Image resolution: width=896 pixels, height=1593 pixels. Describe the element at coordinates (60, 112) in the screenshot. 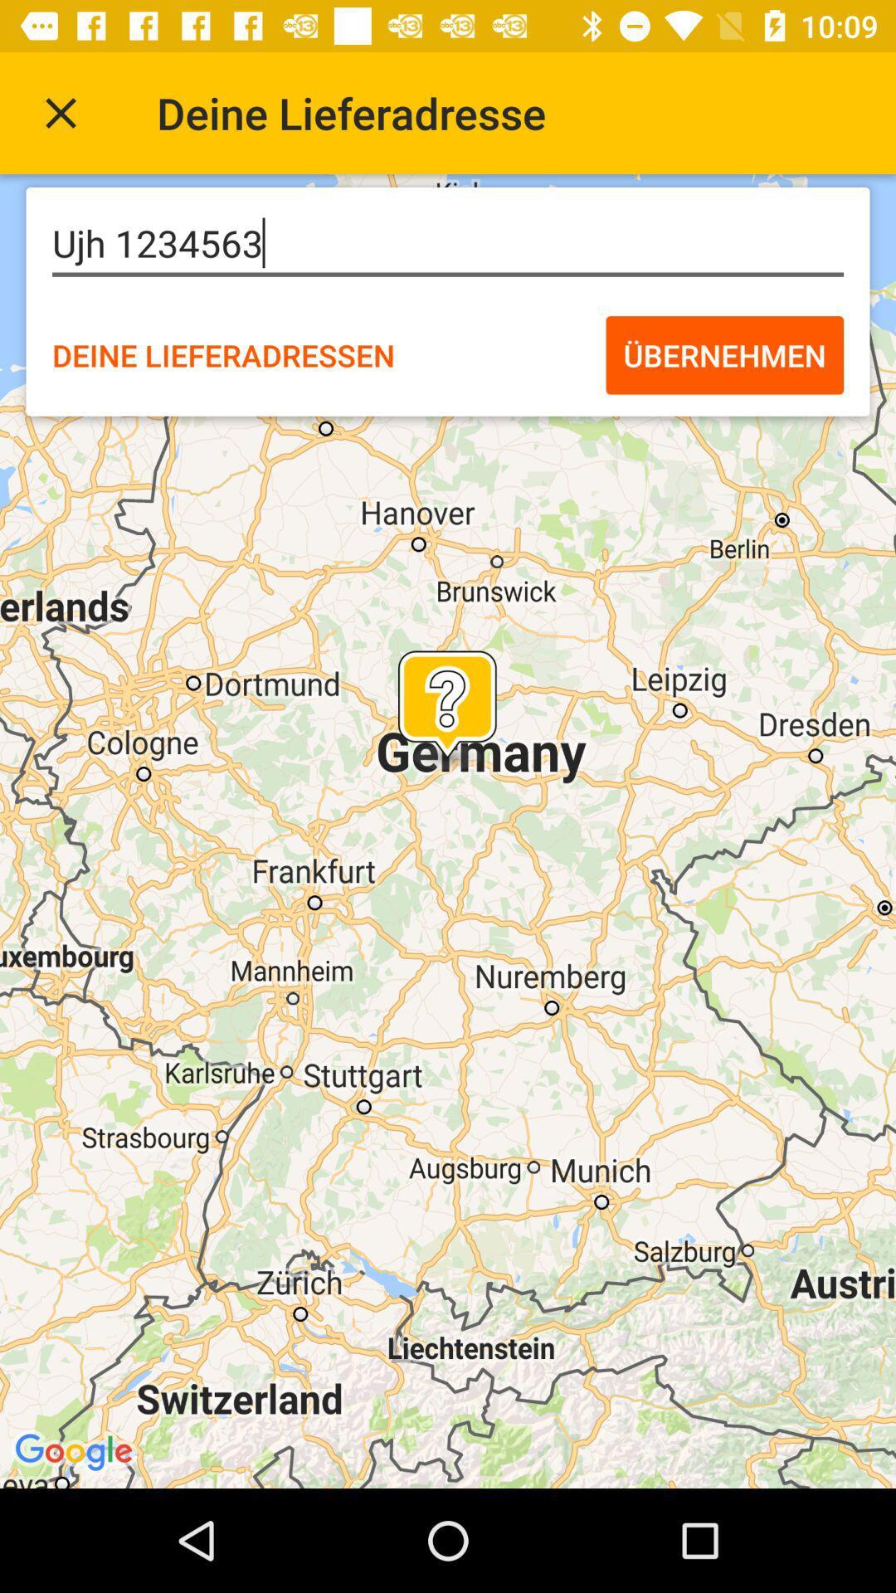

I see `exit page` at that location.